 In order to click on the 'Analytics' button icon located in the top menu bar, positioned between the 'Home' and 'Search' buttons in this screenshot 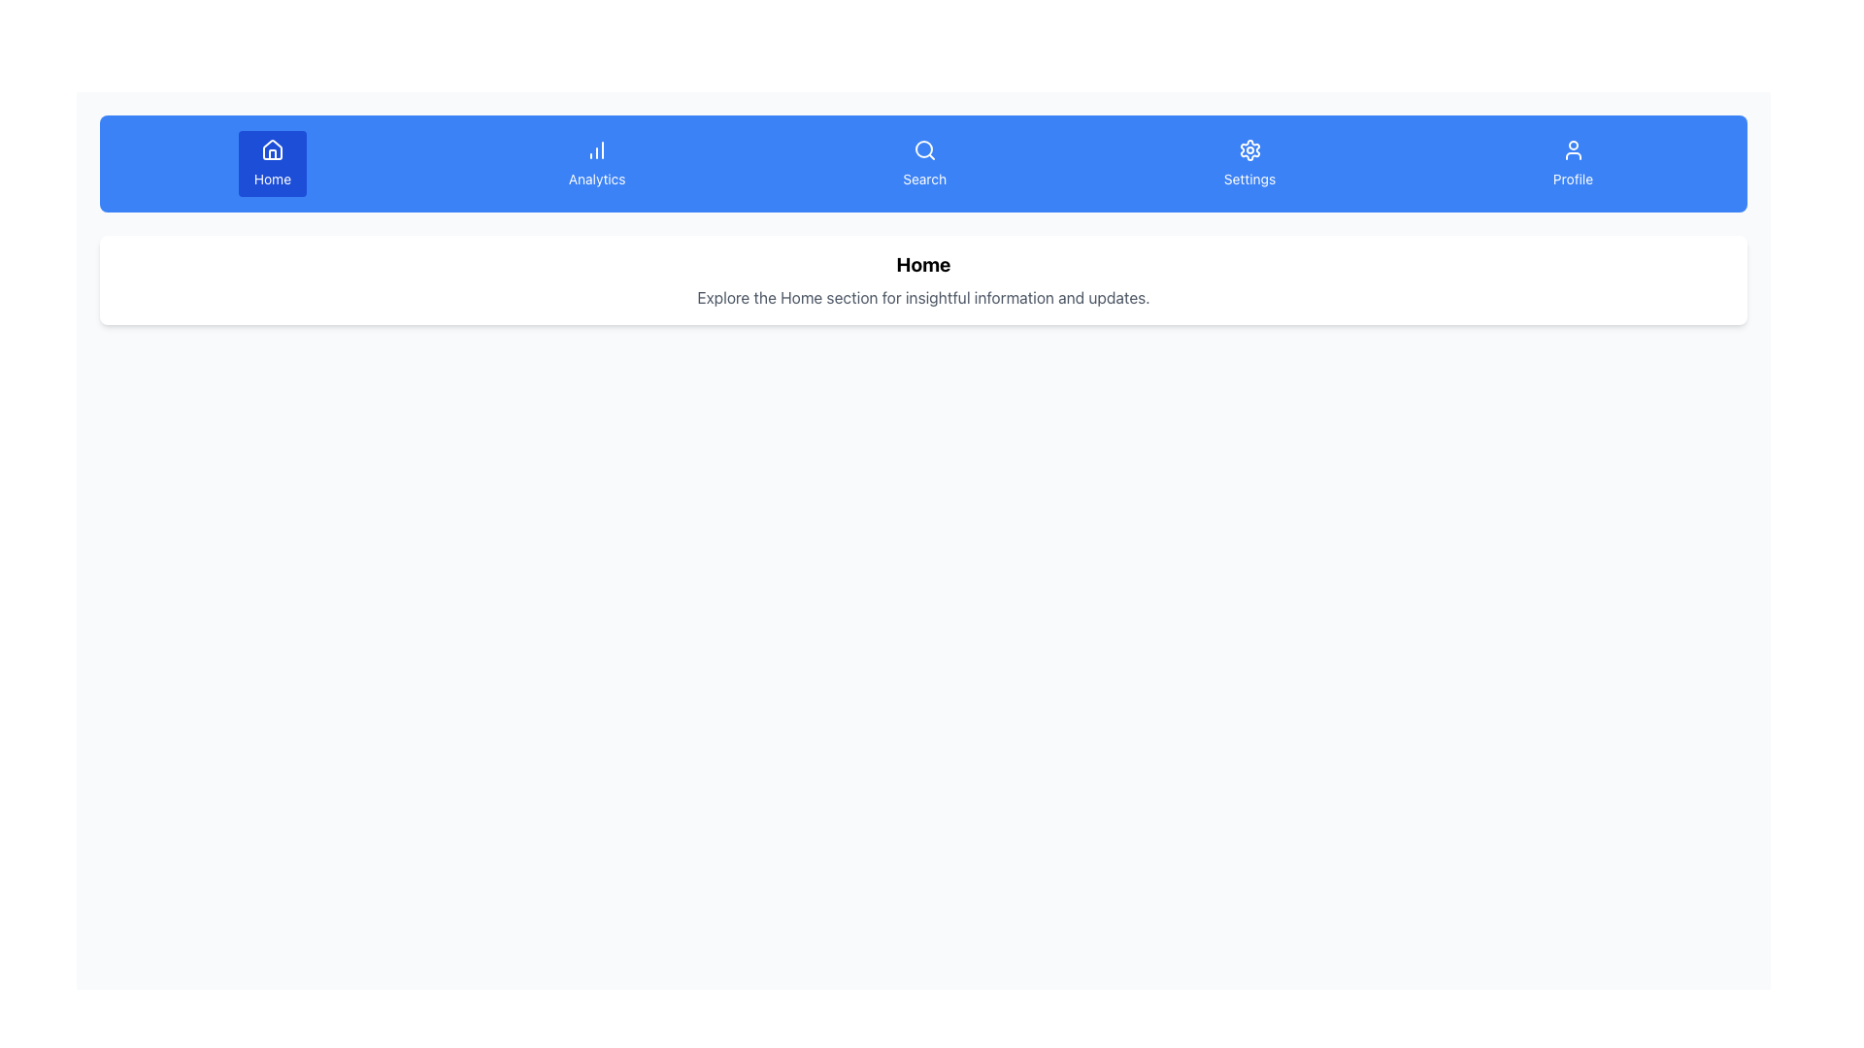, I will do `click(596, 148)`.